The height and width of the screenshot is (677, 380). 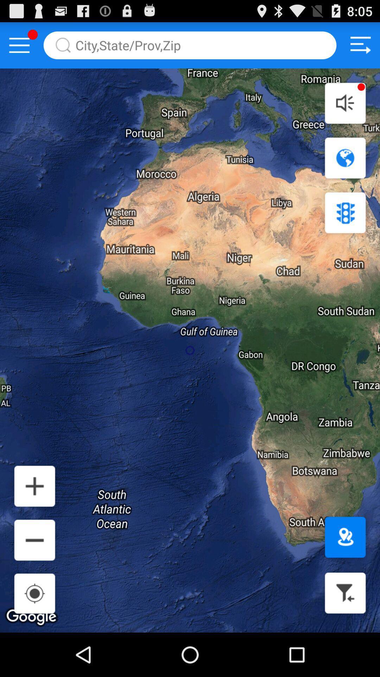 I want to click on navigation icon, so click(x=345, y=158).